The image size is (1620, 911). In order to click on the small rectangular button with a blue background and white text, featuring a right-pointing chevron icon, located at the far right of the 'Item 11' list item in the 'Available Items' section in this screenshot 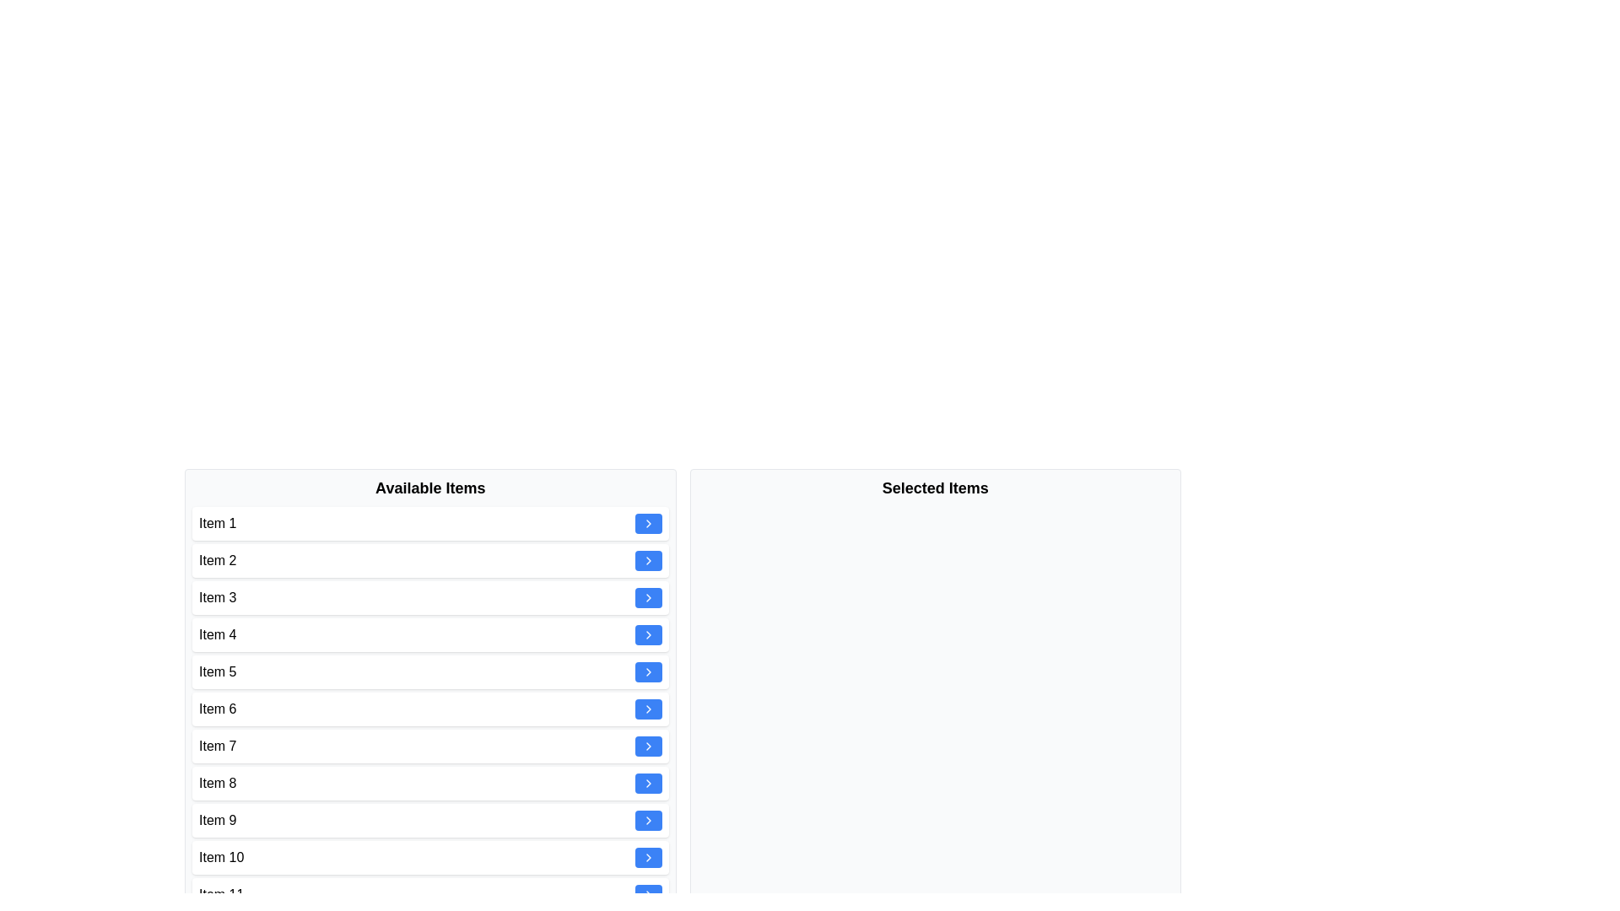, I will do `click(647, 893)`.